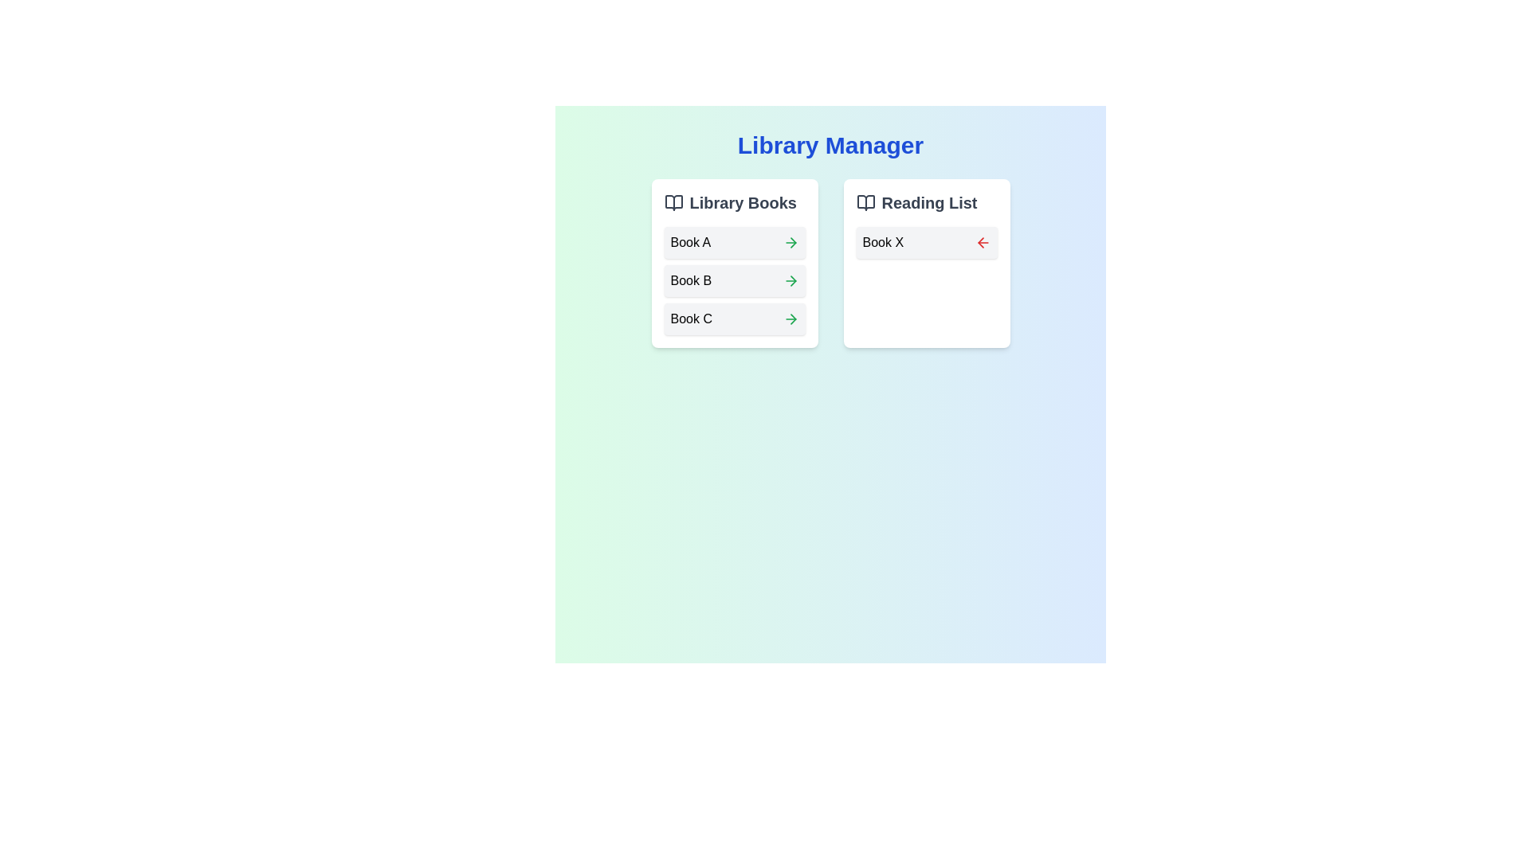 This screenshot has width=1530, height=860. Describe the element at coordinates (673, 201) in the screenshot. I see `the stylized book icon located in the top section of the 'Library Books' card, which is positioned to the left of the title text 'Library Books'` at that location.